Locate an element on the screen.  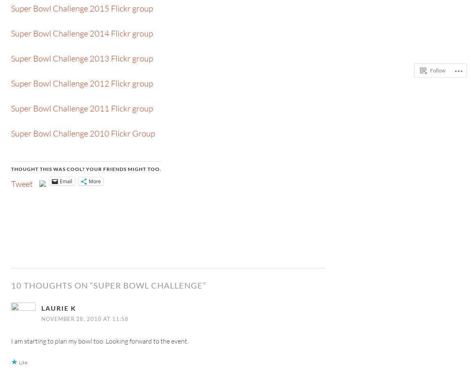
'Like' is located at coordinates (23, 362).